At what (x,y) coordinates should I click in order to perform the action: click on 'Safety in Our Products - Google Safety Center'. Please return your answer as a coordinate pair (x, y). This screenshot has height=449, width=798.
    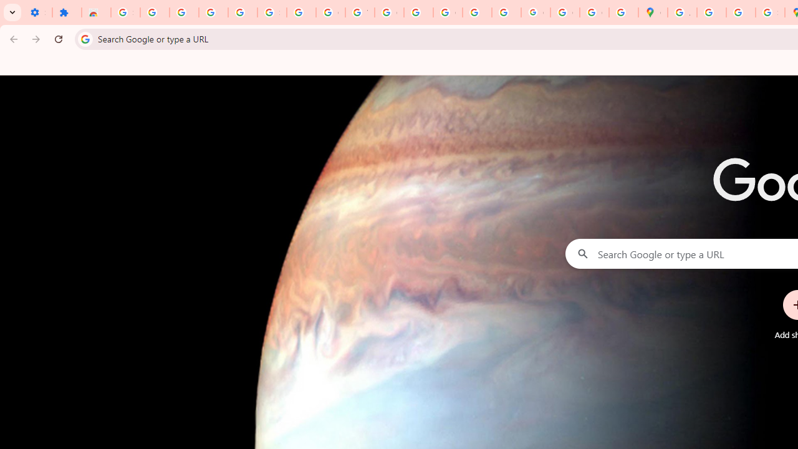
    Looking at the image, I should click on (769, 12).